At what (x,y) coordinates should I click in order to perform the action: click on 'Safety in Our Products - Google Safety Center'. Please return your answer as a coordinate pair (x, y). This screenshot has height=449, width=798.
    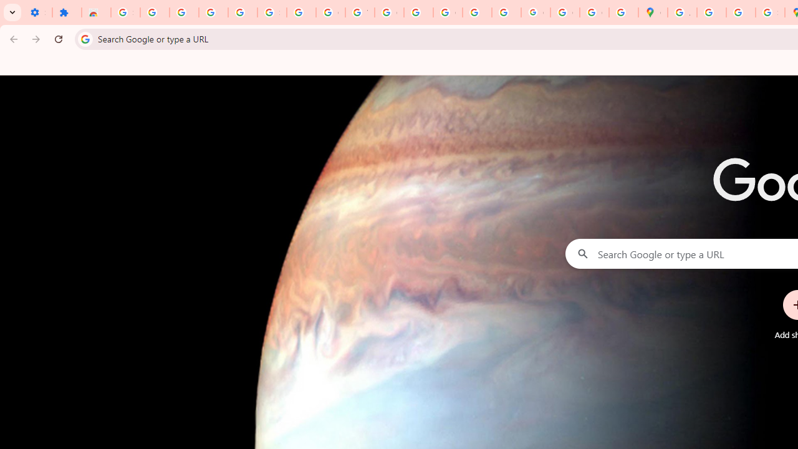
    Looking at the image, I should click on (769, 12).